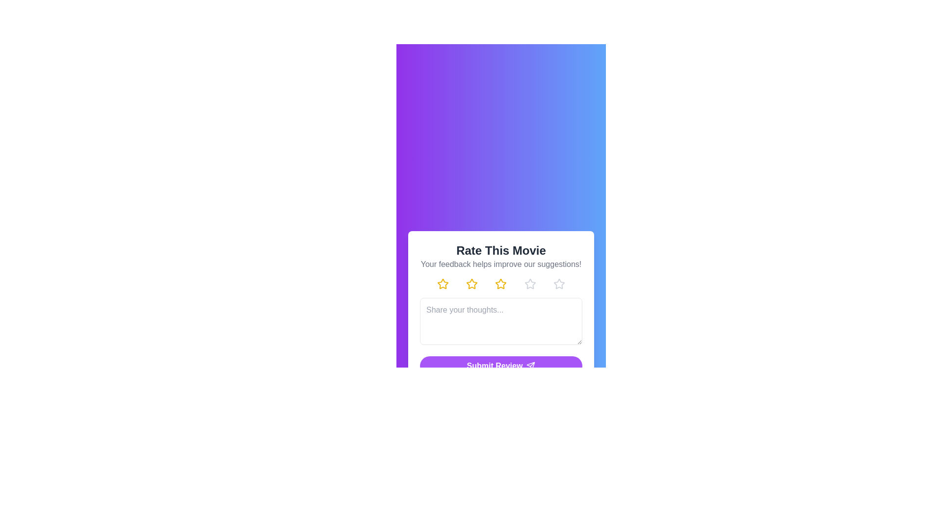  Describe the element at coordinates (472, 284) in the screenshot. I see `to select the second star in the horizontal rating section, which is a golden-yellow star icon` at that location.